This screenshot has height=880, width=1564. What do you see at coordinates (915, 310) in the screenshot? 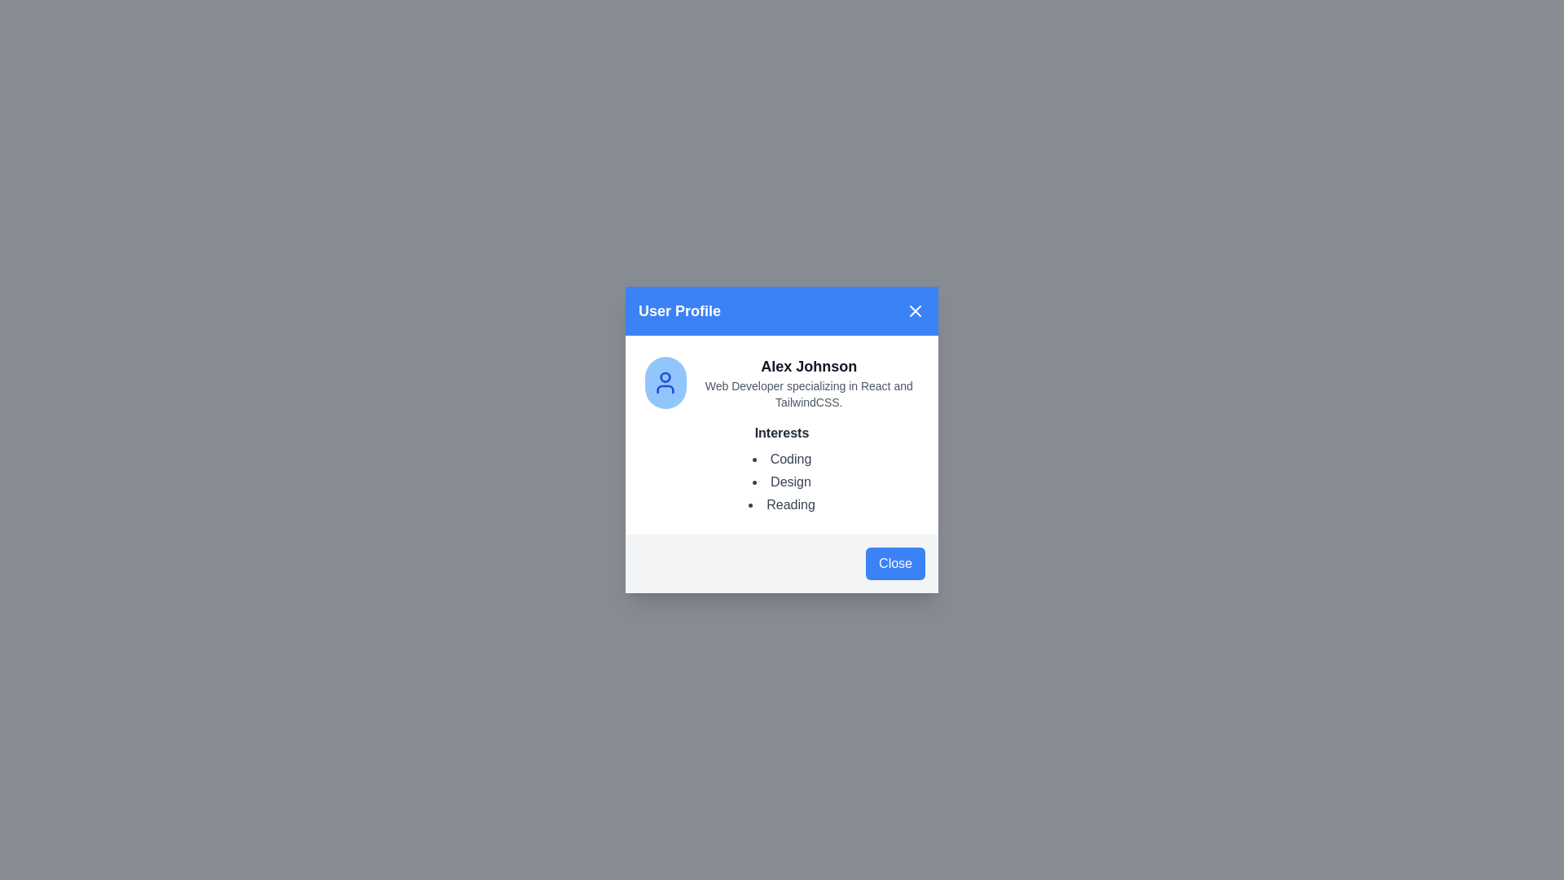
I see `the close icon represented by an 'X' shape located in the upper-right section of the blue header bar in the 'User Profile' modal dialog for visual feedback` at bounding box center [915, 310].